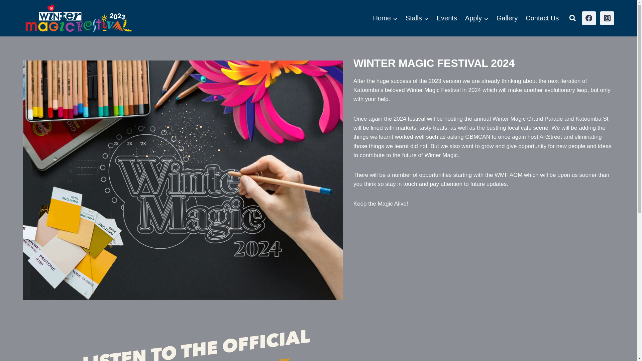 The height and width of the screenshot is (361, 642). I want to click on 'Contact Us', so click(521, 18).